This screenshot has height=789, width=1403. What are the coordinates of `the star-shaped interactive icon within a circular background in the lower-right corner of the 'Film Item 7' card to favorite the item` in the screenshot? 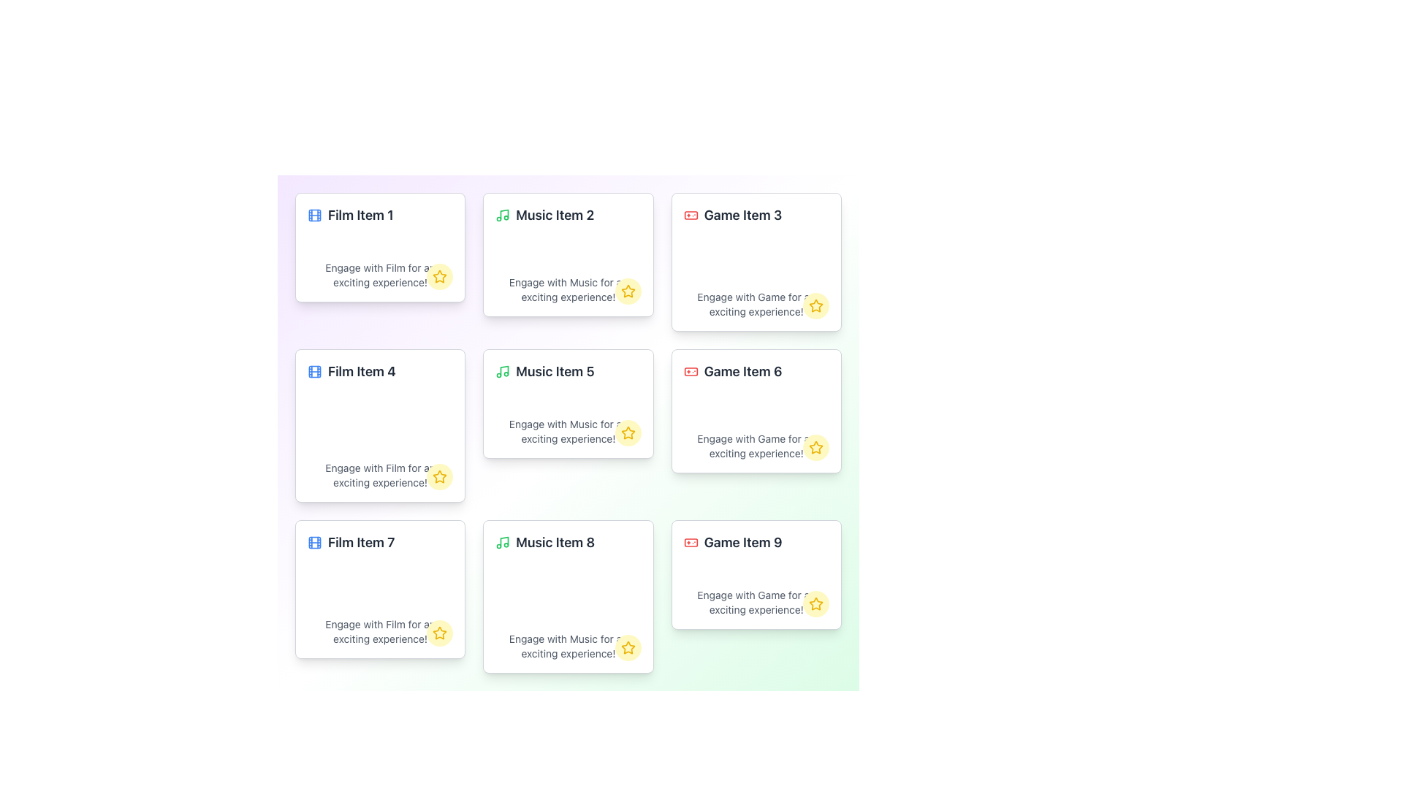 It's located at (438, 633).